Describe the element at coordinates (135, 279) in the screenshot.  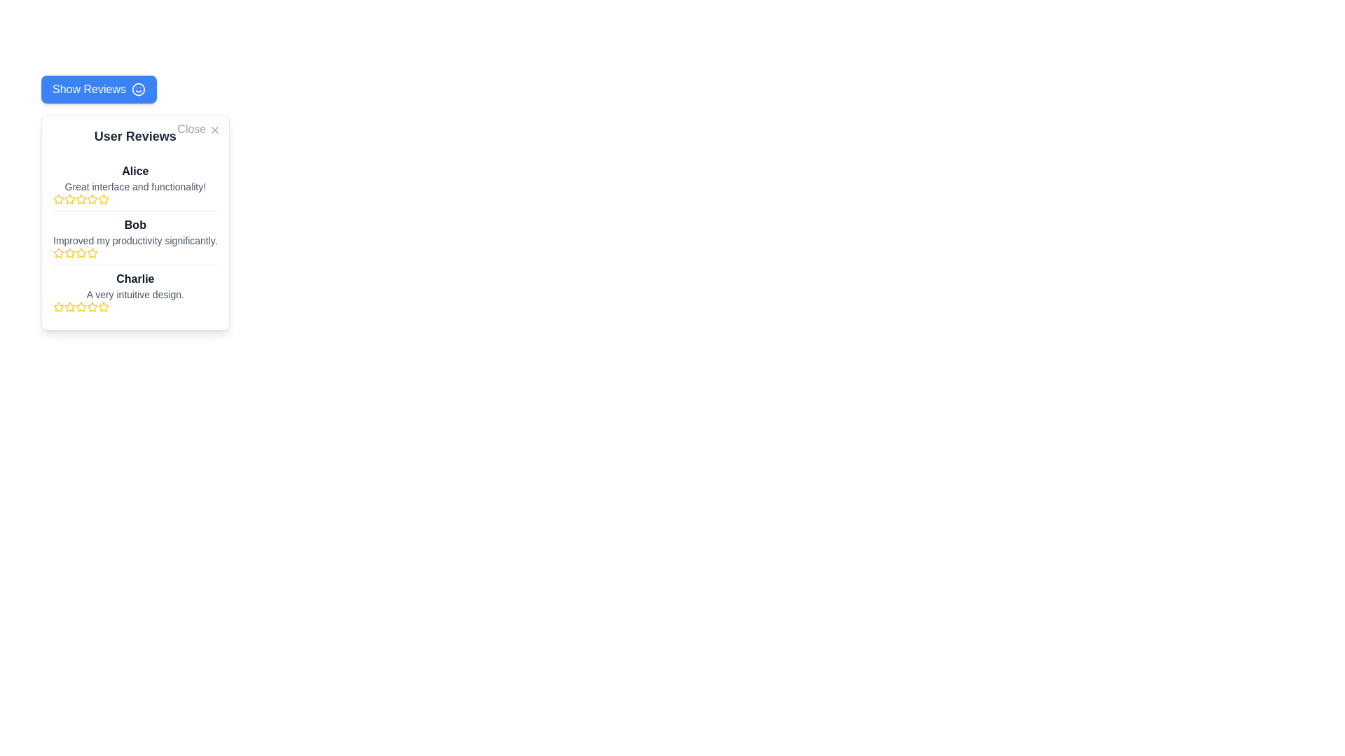
I see `the text label reading 'Charlie', which is styled in darker gray font and aligned left, located at the top of the last review section below the entry for 'Bob'` at that location.